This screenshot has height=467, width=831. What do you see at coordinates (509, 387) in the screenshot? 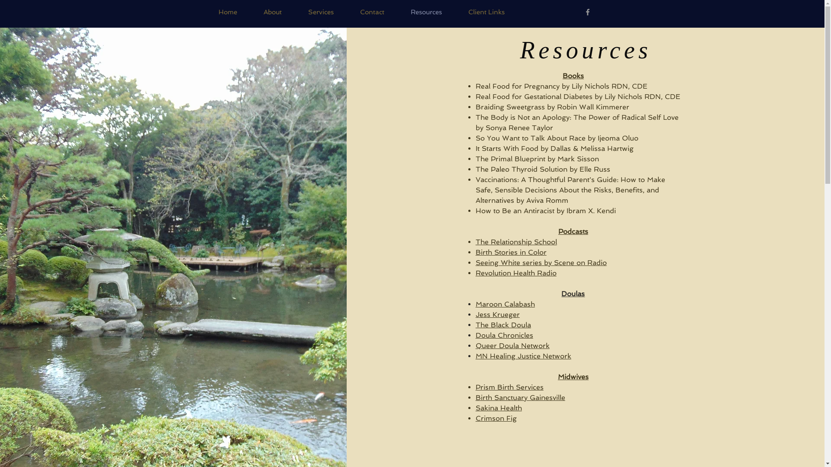
I see `'Prism Birth Services'` at bounding box center [509, 387].